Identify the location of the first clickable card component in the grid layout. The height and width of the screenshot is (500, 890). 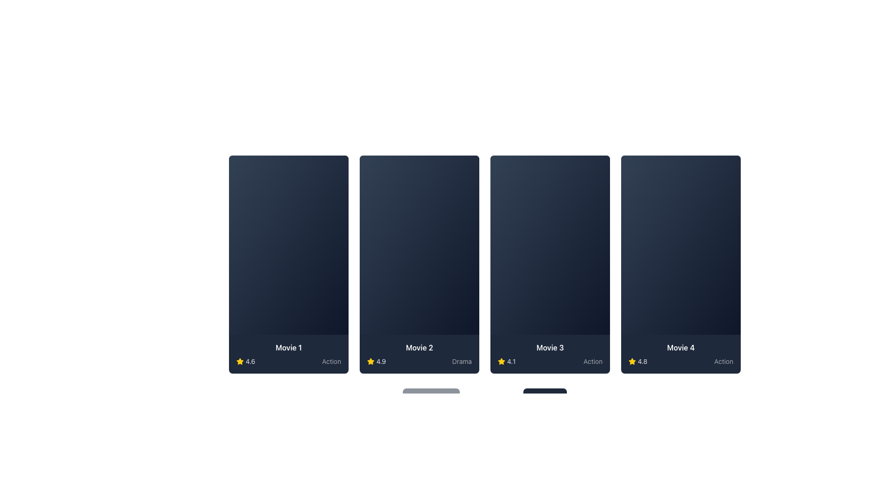
(288, 264).